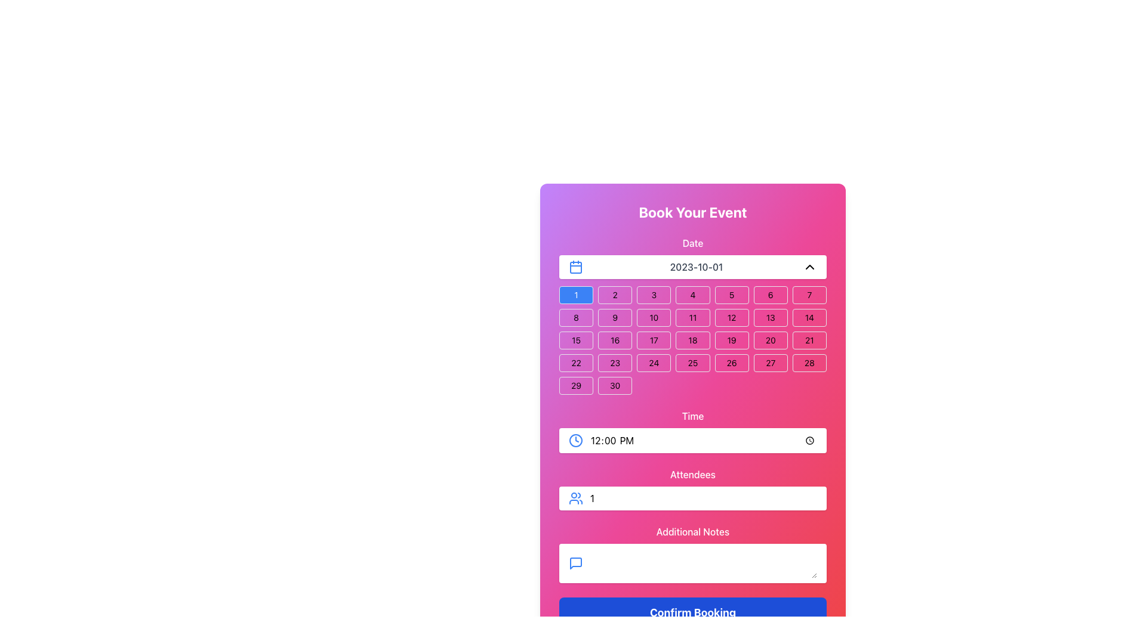 This screenshot has height=644, width=1146. I want to click on the pink rectangular button labeled '11' in the second row of the calendar grid, so click(693, 317).